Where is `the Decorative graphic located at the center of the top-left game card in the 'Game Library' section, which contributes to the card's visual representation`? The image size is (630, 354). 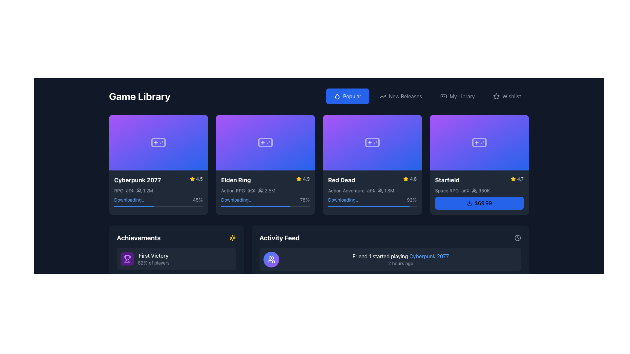
the Decorative graphic located at the center of the top-left game card in the 'Game Library' section, which contributes to the card's visual representation is located at coordinates (158, 142).